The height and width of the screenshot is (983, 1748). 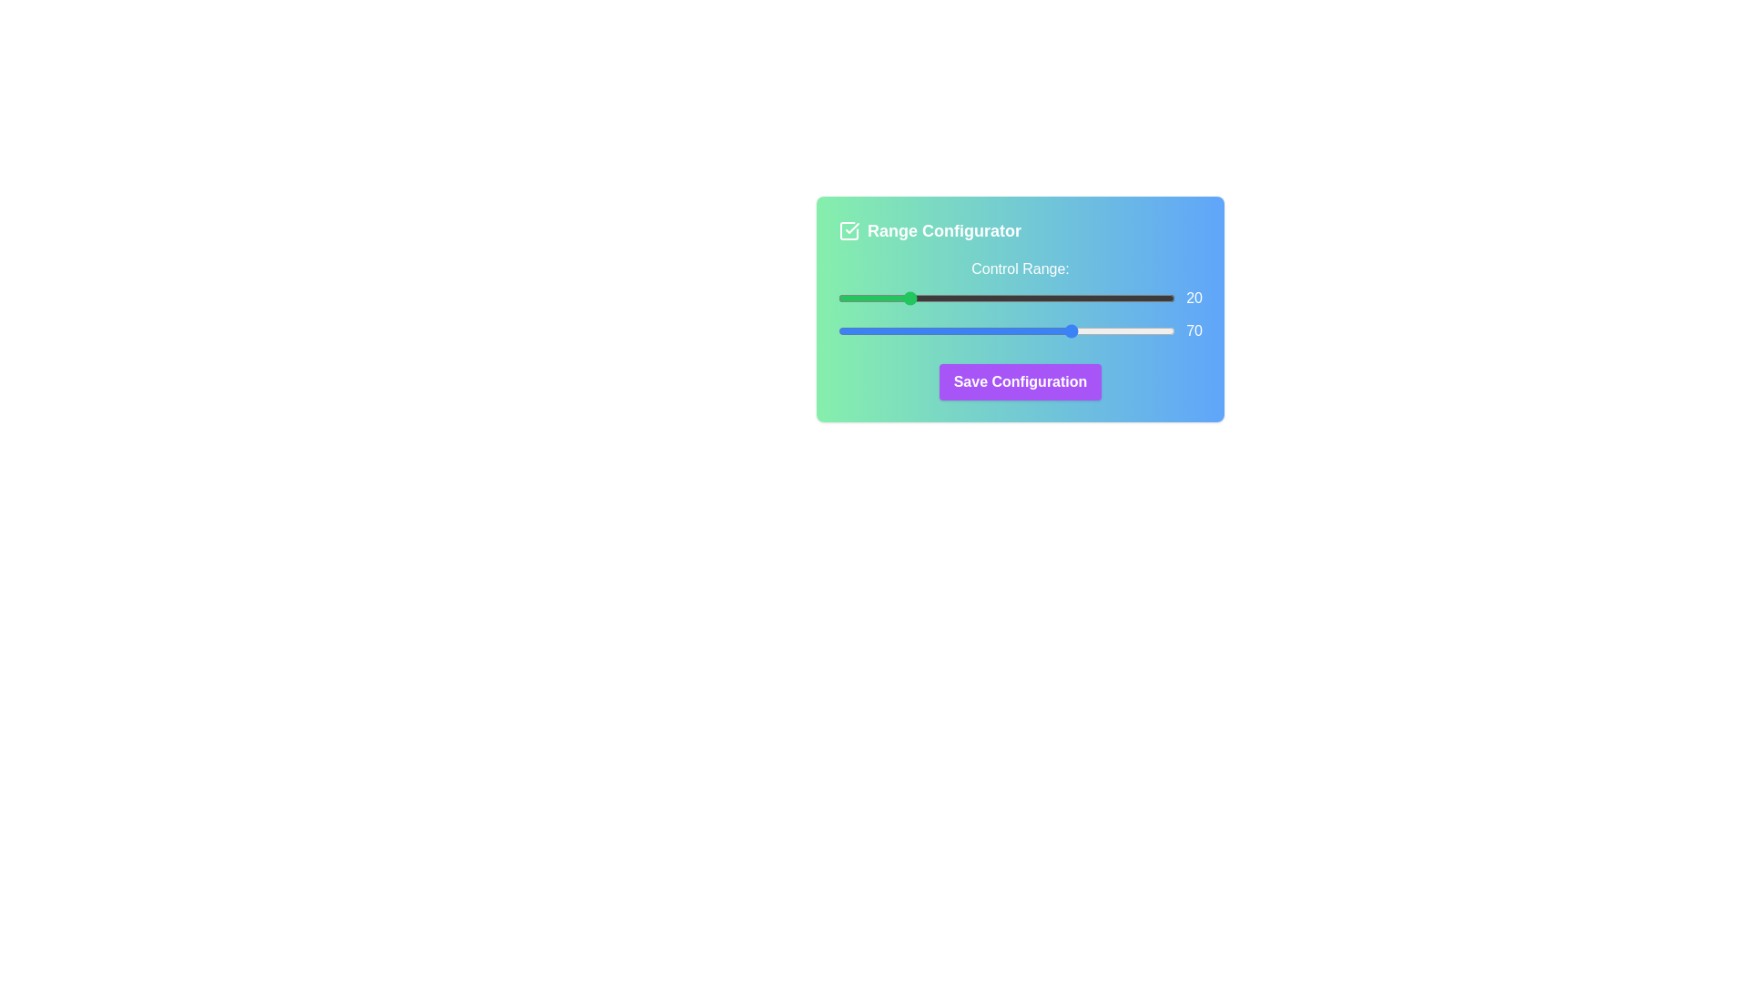 What do you see at coordinates (875, 297) in the screenshot?
I see `the start range slider to set the value to 11` at bounding box center [875, 297].